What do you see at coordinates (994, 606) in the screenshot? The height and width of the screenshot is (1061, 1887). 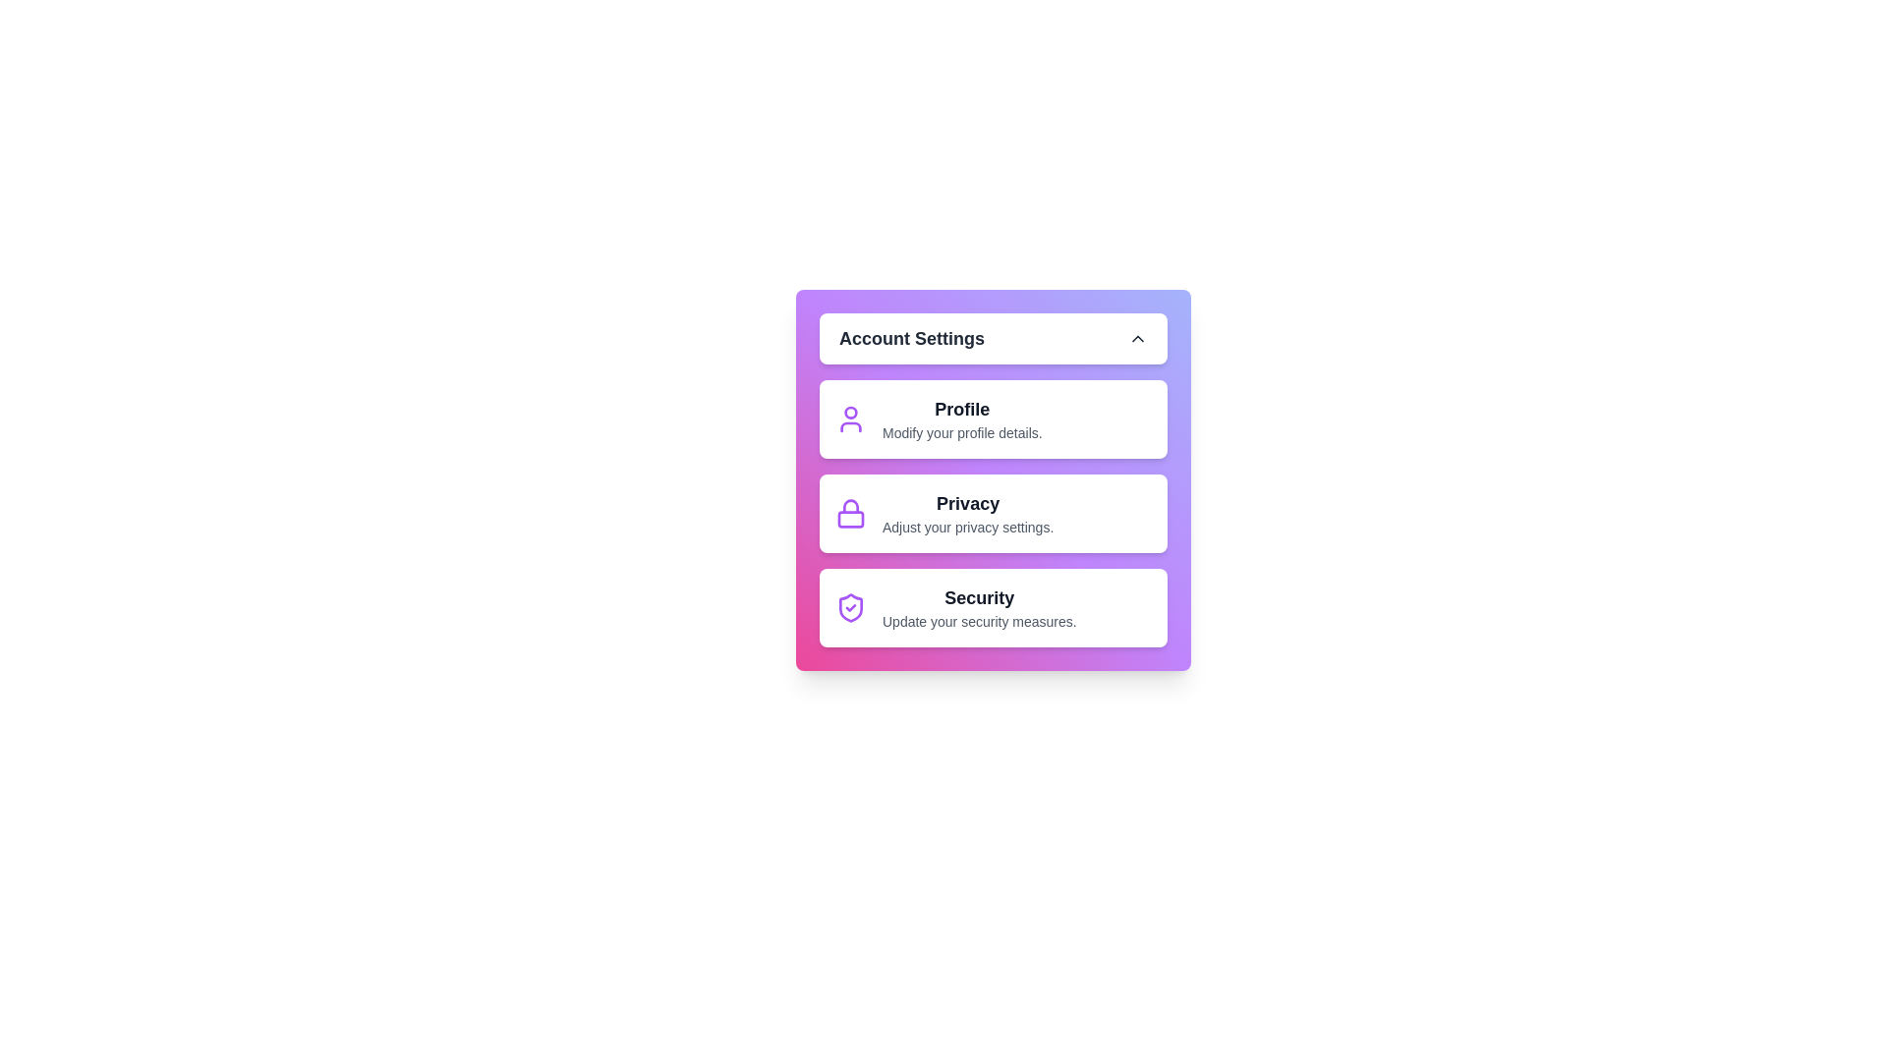 I see `the 'Security' item to access security settings` at bounding box center [994, 606].